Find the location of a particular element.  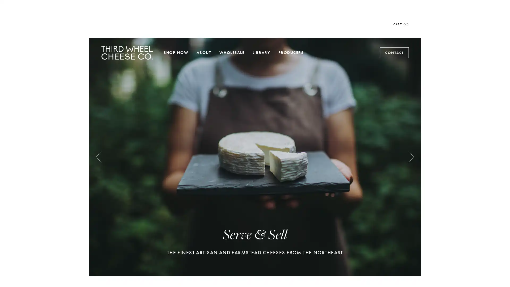

Close is located at coordinates (331, 98).